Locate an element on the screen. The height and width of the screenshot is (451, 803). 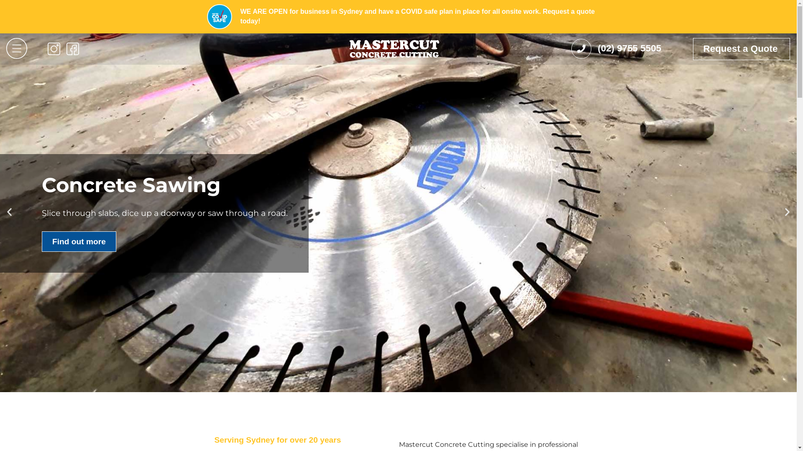
'Request a Quote' is located at coordinates (742, 49).